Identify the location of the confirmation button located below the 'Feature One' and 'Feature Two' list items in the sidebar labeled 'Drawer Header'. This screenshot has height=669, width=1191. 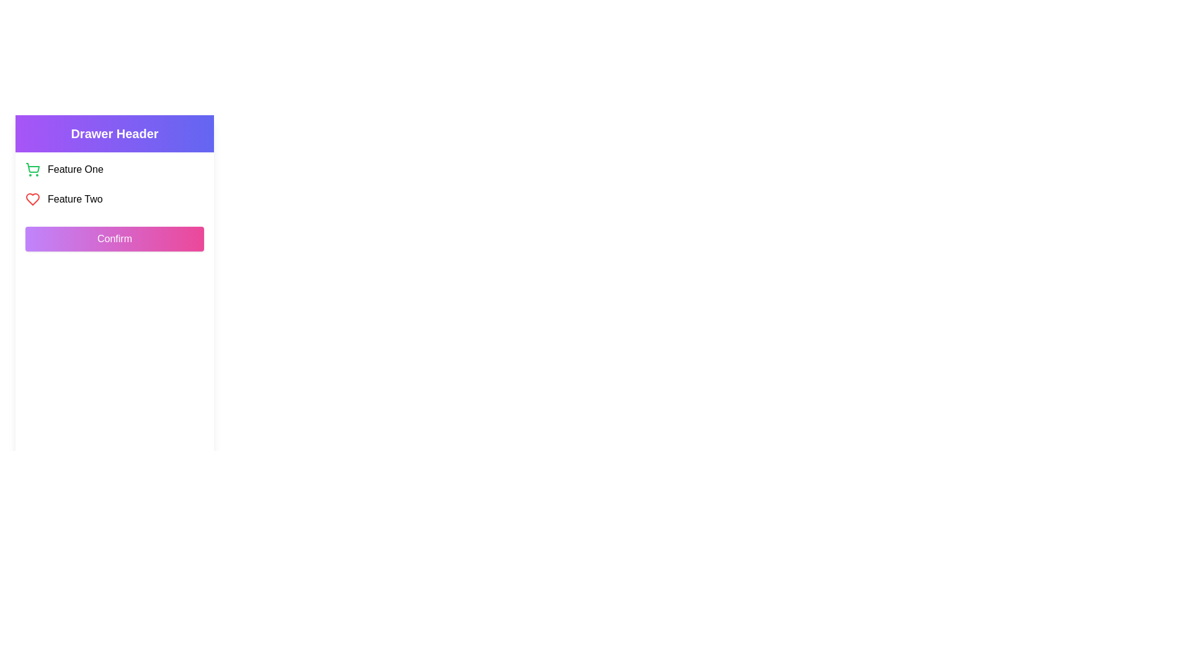
(115, 238).